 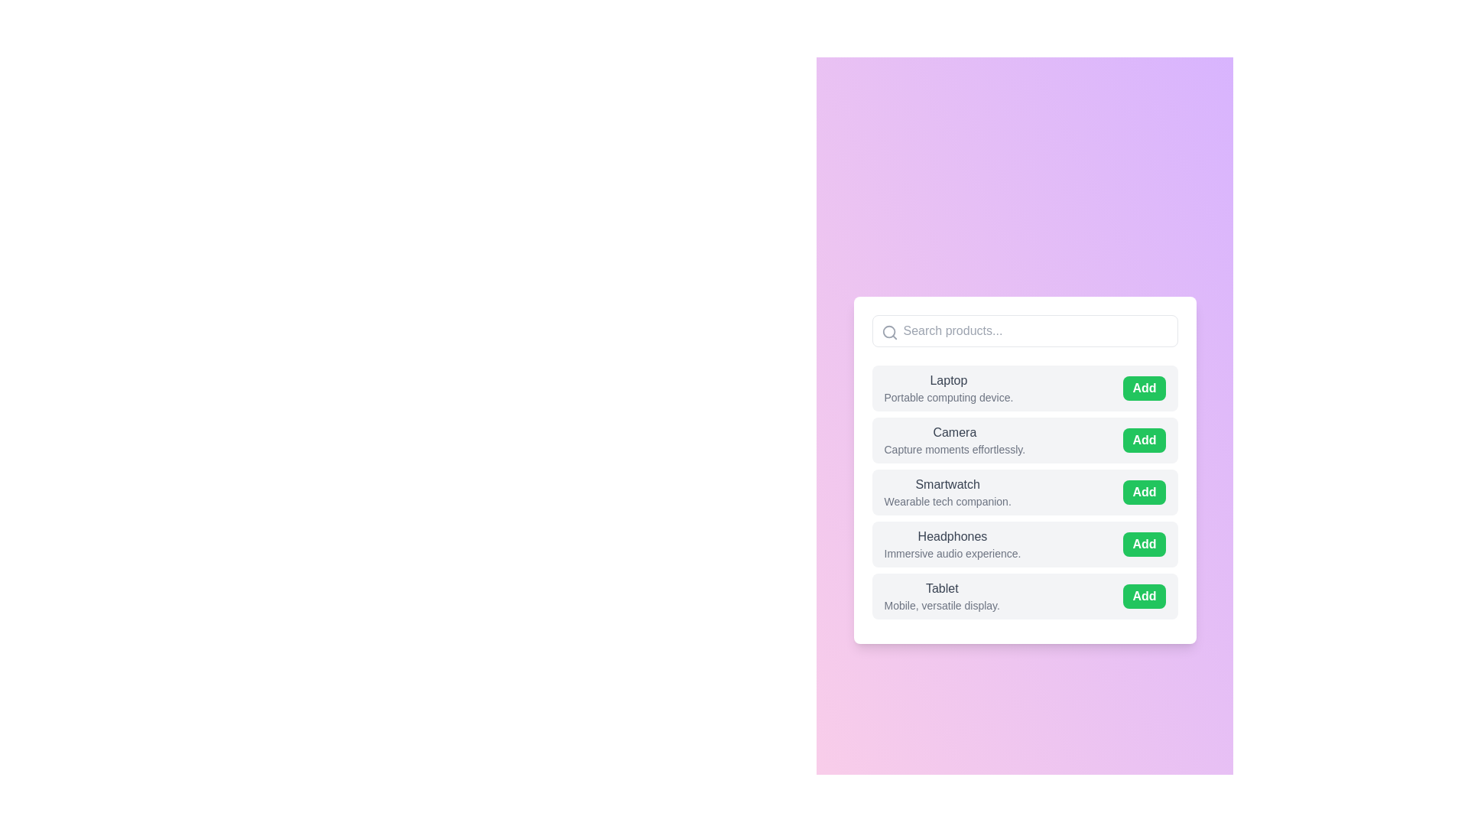 What do you see at coordinates (1145, 544) in the screenshot?
I see `the 'Add' button, which is a green rectangular button with rounded corners located on the right side of the row containing 'Headphones' and 'Immersive audio experience.'` at bounding box center [1145, 544].